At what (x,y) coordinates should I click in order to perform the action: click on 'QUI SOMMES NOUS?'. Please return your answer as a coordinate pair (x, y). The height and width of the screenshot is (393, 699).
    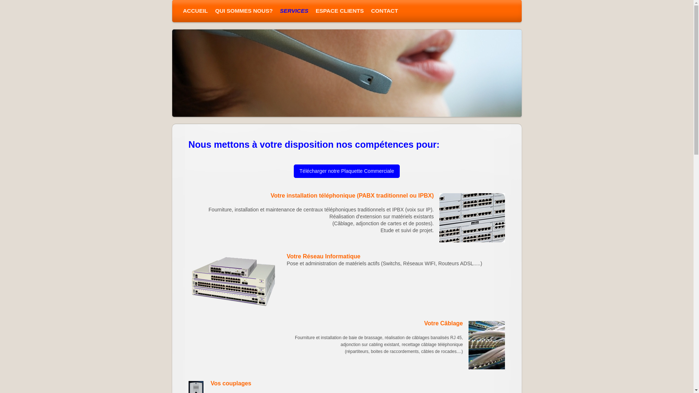
    Looking at the image, I should click on (244, 11).